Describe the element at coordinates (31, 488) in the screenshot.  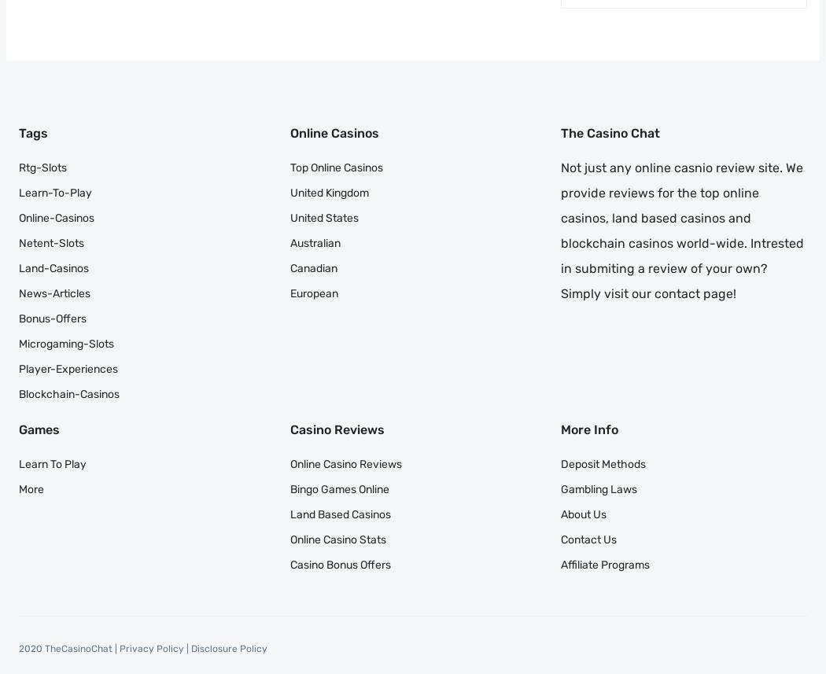
I see `'More'` at that location.